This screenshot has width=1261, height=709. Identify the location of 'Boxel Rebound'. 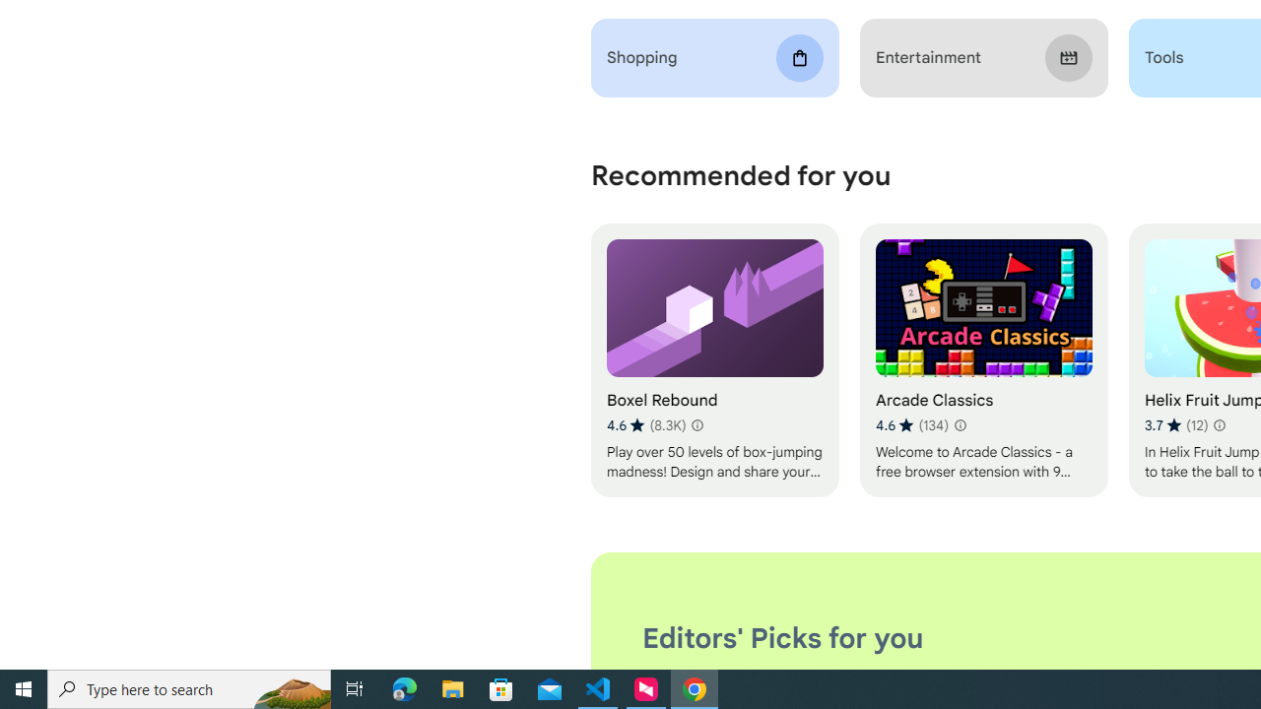
(713, 360).